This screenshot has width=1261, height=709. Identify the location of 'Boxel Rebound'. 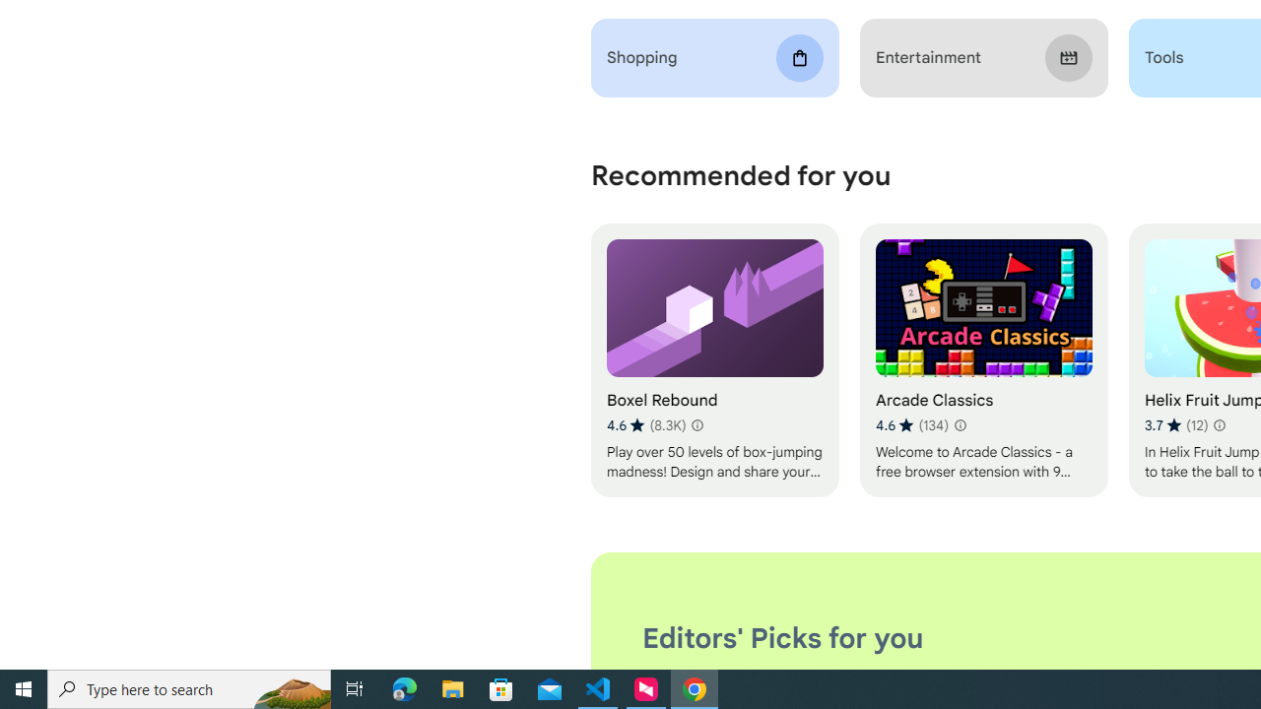
(713, 360).